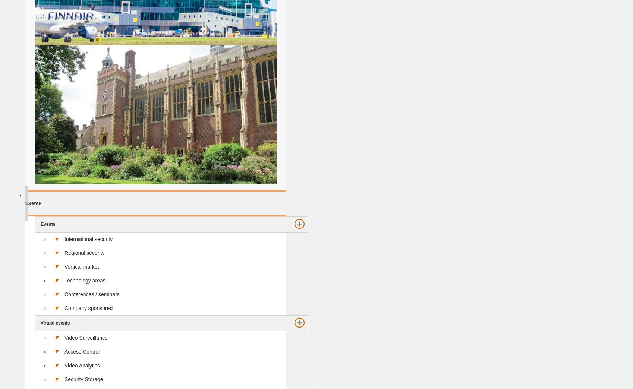  I want to click on 'Conferences / seminars', so click(92, 293).